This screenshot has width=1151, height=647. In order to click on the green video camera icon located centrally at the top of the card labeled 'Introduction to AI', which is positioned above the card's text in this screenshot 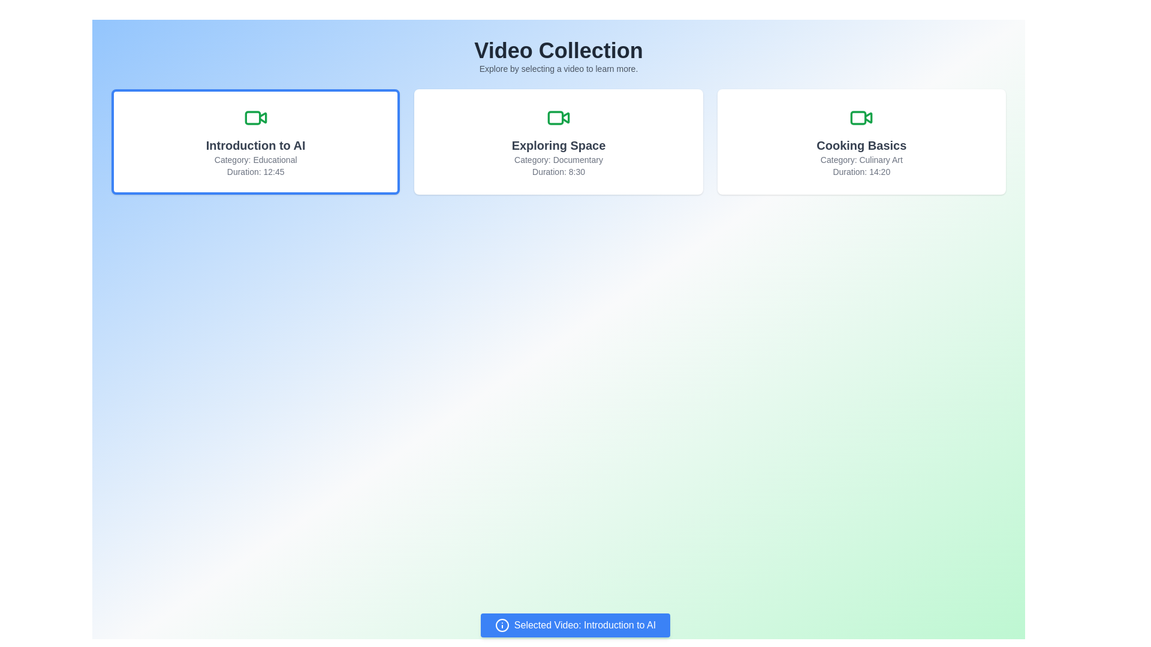, I will do `click(255, 117)`.